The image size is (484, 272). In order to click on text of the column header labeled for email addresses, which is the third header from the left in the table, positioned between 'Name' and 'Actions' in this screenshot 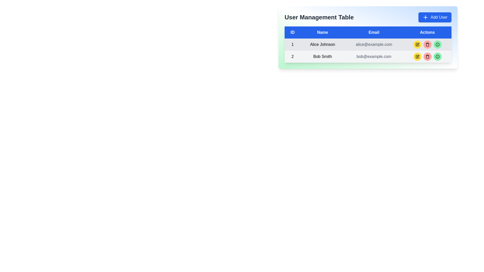, I will do `click(374, 32)`.